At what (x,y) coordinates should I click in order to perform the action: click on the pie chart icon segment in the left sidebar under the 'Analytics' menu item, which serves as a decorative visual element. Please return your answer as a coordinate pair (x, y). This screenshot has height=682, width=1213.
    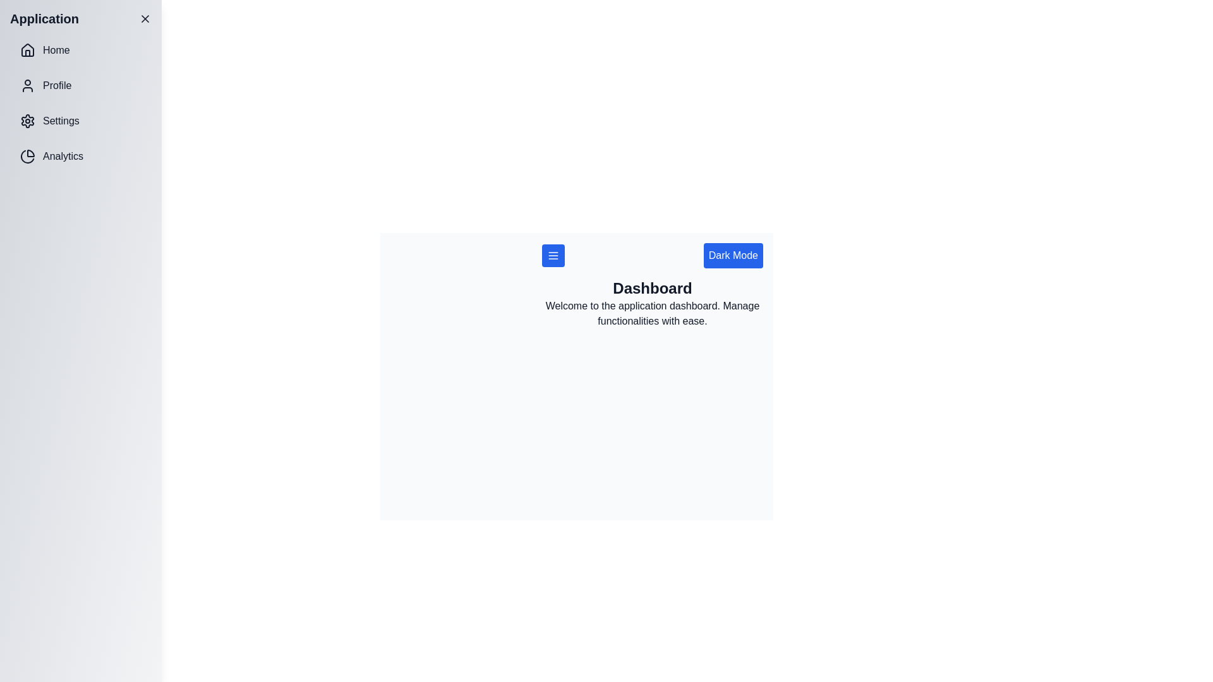
    Looking at the image, I should click on (27, 156).